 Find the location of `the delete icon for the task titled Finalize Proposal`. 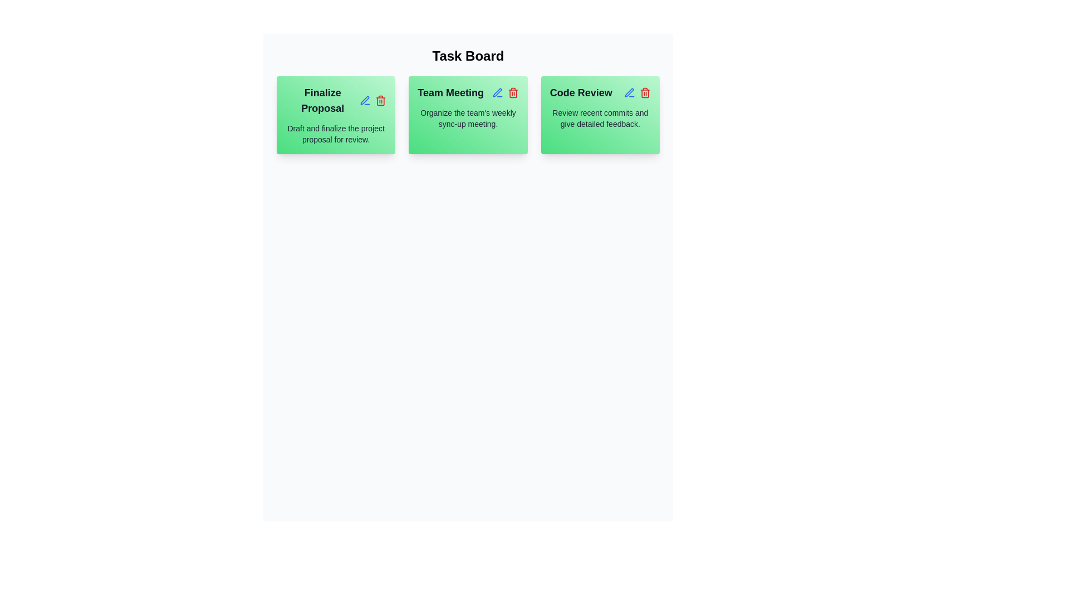

the delete icon for the task titled Finalize Proposal is located at coordinates (381, 101).